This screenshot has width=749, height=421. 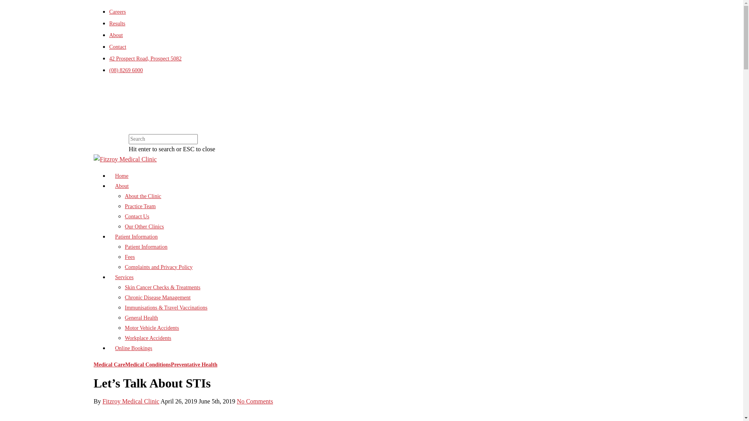 What do you see at coordinates (125, 364) in the screenshot?
I see `'Medical Conditions'` at bounding box center [125, 364].